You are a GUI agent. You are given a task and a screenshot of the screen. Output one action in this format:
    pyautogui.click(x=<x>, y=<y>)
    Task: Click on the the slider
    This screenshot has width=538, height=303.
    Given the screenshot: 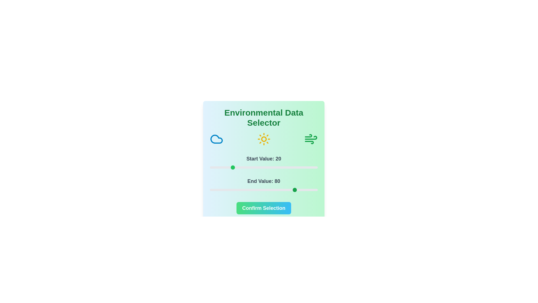 What is the action you would take?
    pyautogui.click(x=235, y=167)
    